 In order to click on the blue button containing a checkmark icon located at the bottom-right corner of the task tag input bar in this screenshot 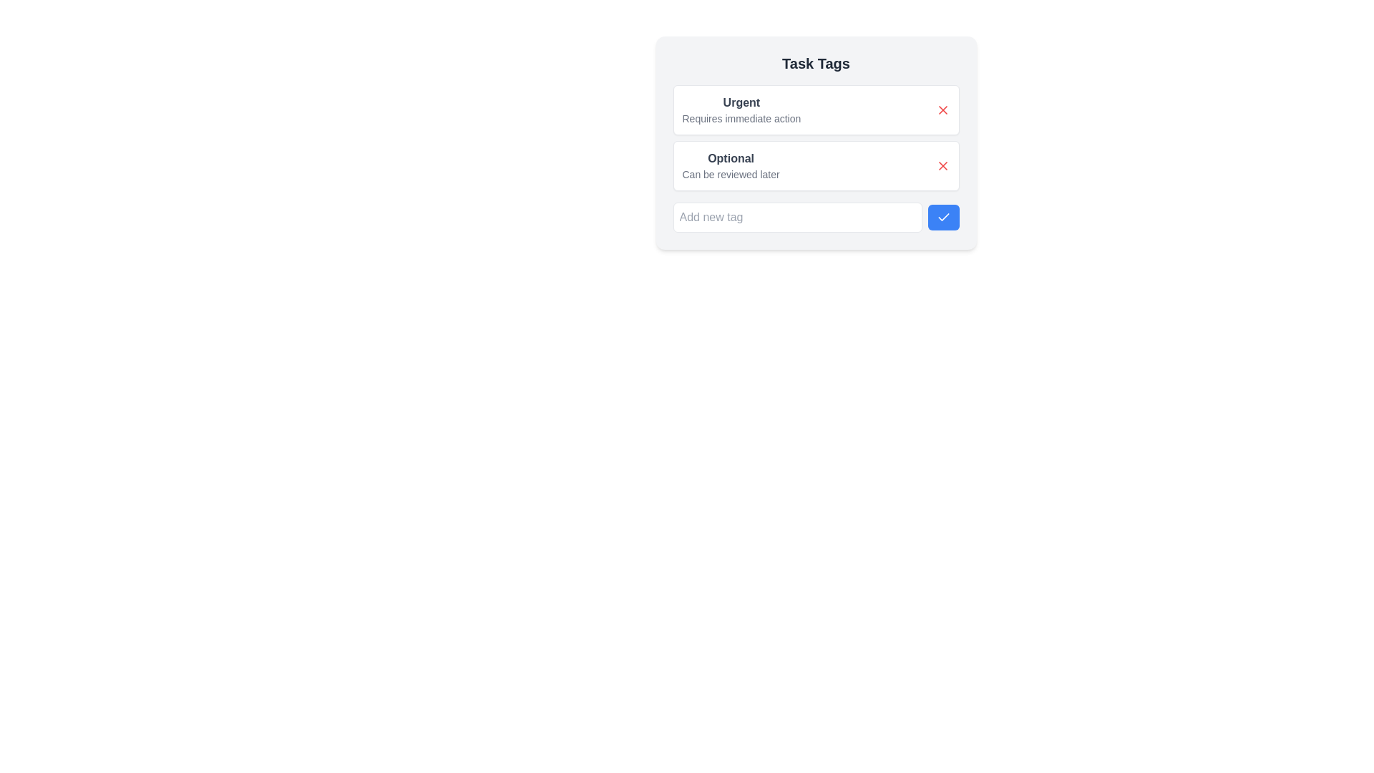, I will do `click(943, 218)`.